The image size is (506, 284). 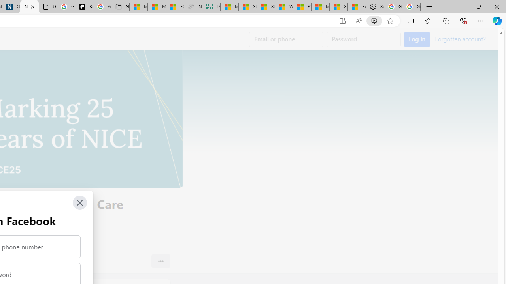 I want to click on 'Google Analytics Opt-out Browser Add-on Download Page', so click(x=47, y=7).